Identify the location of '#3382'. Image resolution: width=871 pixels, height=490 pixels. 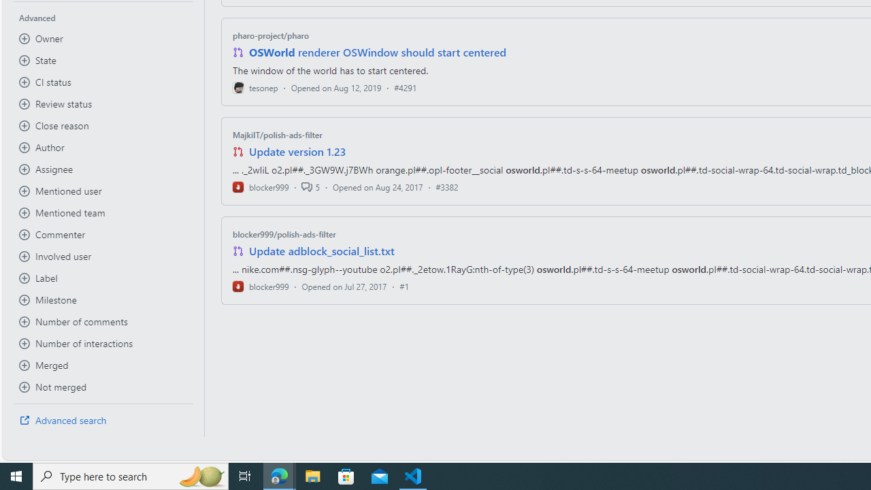
(447, 186).